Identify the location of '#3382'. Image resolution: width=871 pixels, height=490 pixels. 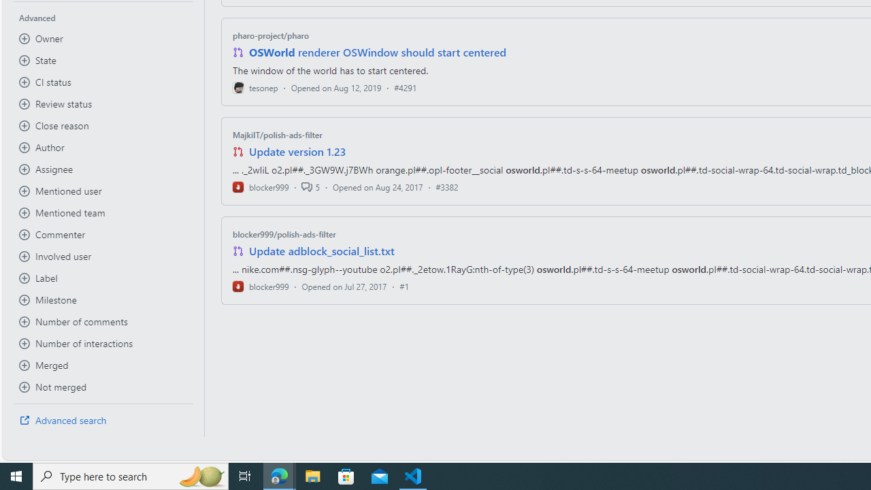
(447, 186).